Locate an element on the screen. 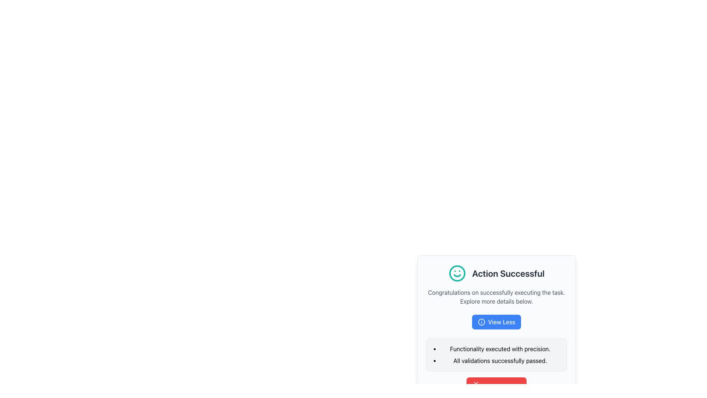  the text element that reads 'Functionality executed with precision.' which is the first item in a bulleted list below the blue 'View Less' button is located at coordinates (500, 349).